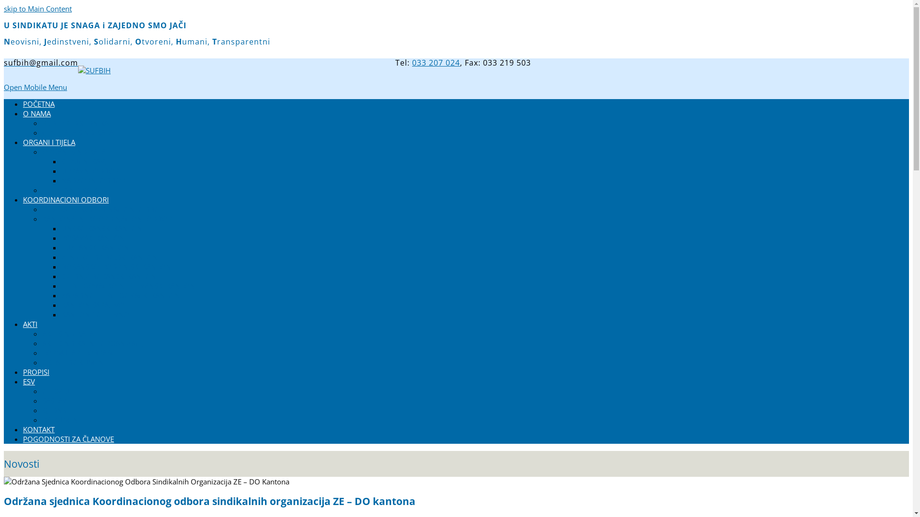 This screenshot has height=517, width=920. Describe the element at coordinates (73, 151) in the screenshot. I see `'ORGANI SINDIKATA'` at that location.